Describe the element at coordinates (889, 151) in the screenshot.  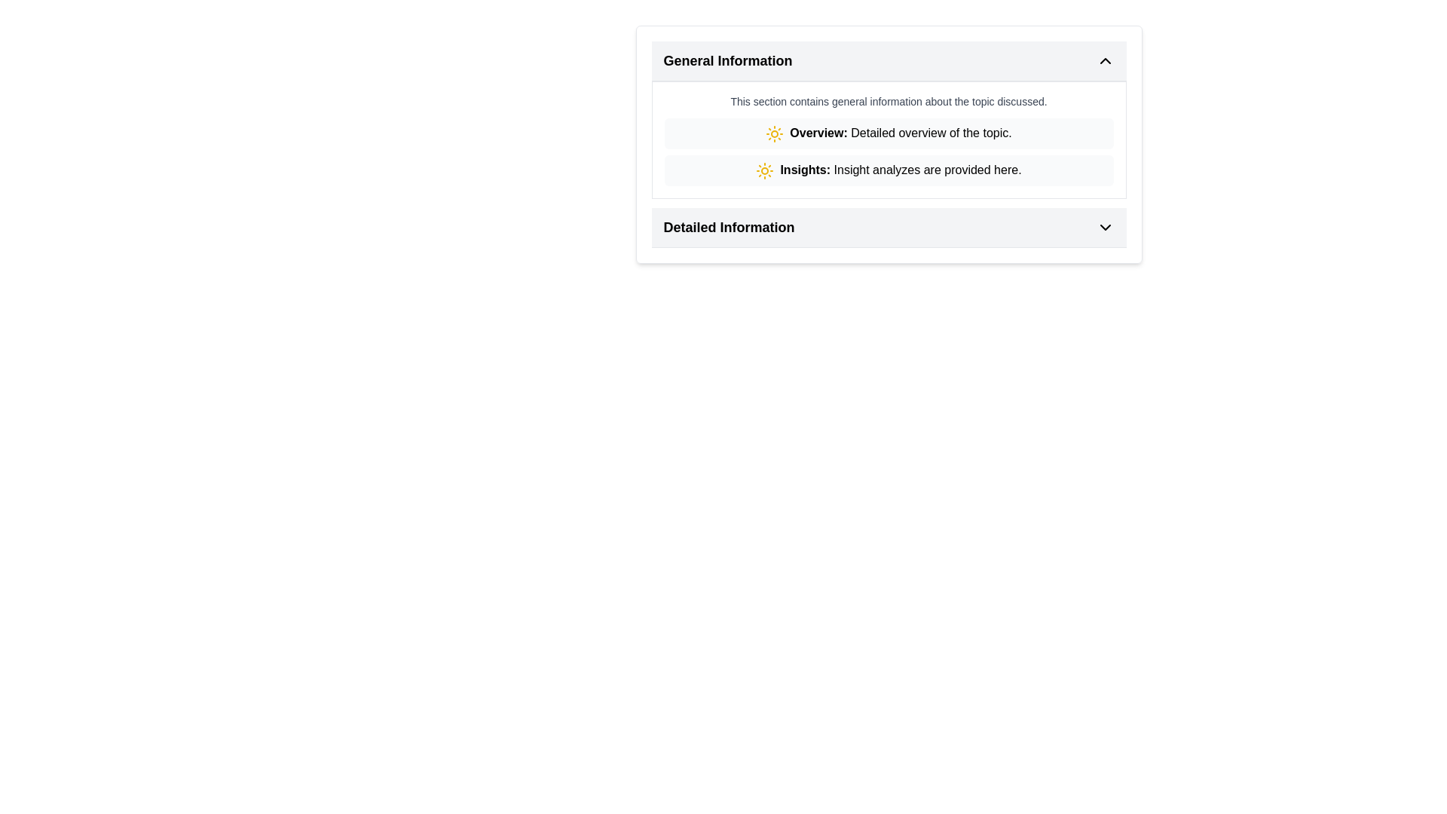
I see `the Informational Block located in the center of the 'General Information' section, below the description 'This section contains general information about the topic discussed.'` at that location.